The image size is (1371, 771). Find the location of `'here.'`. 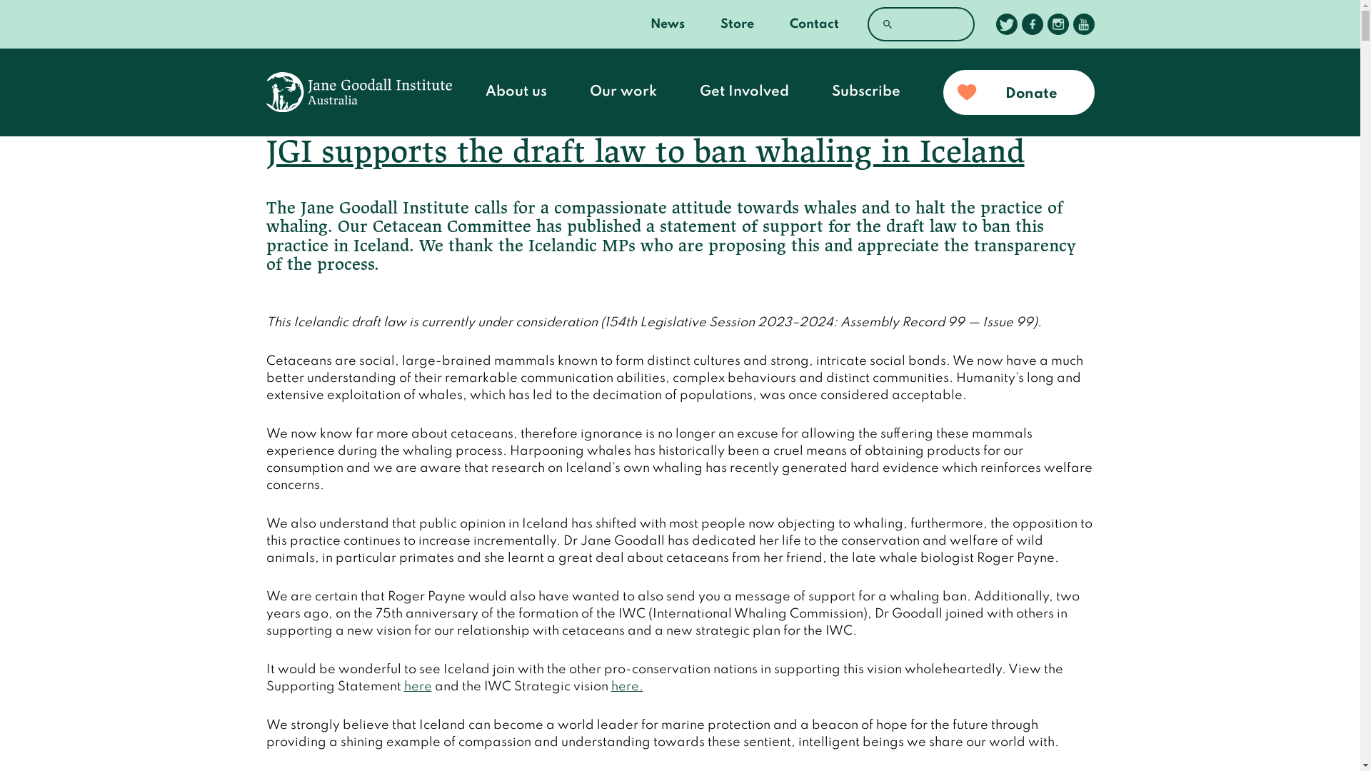

'here.' is located at coordinates (611, 685).